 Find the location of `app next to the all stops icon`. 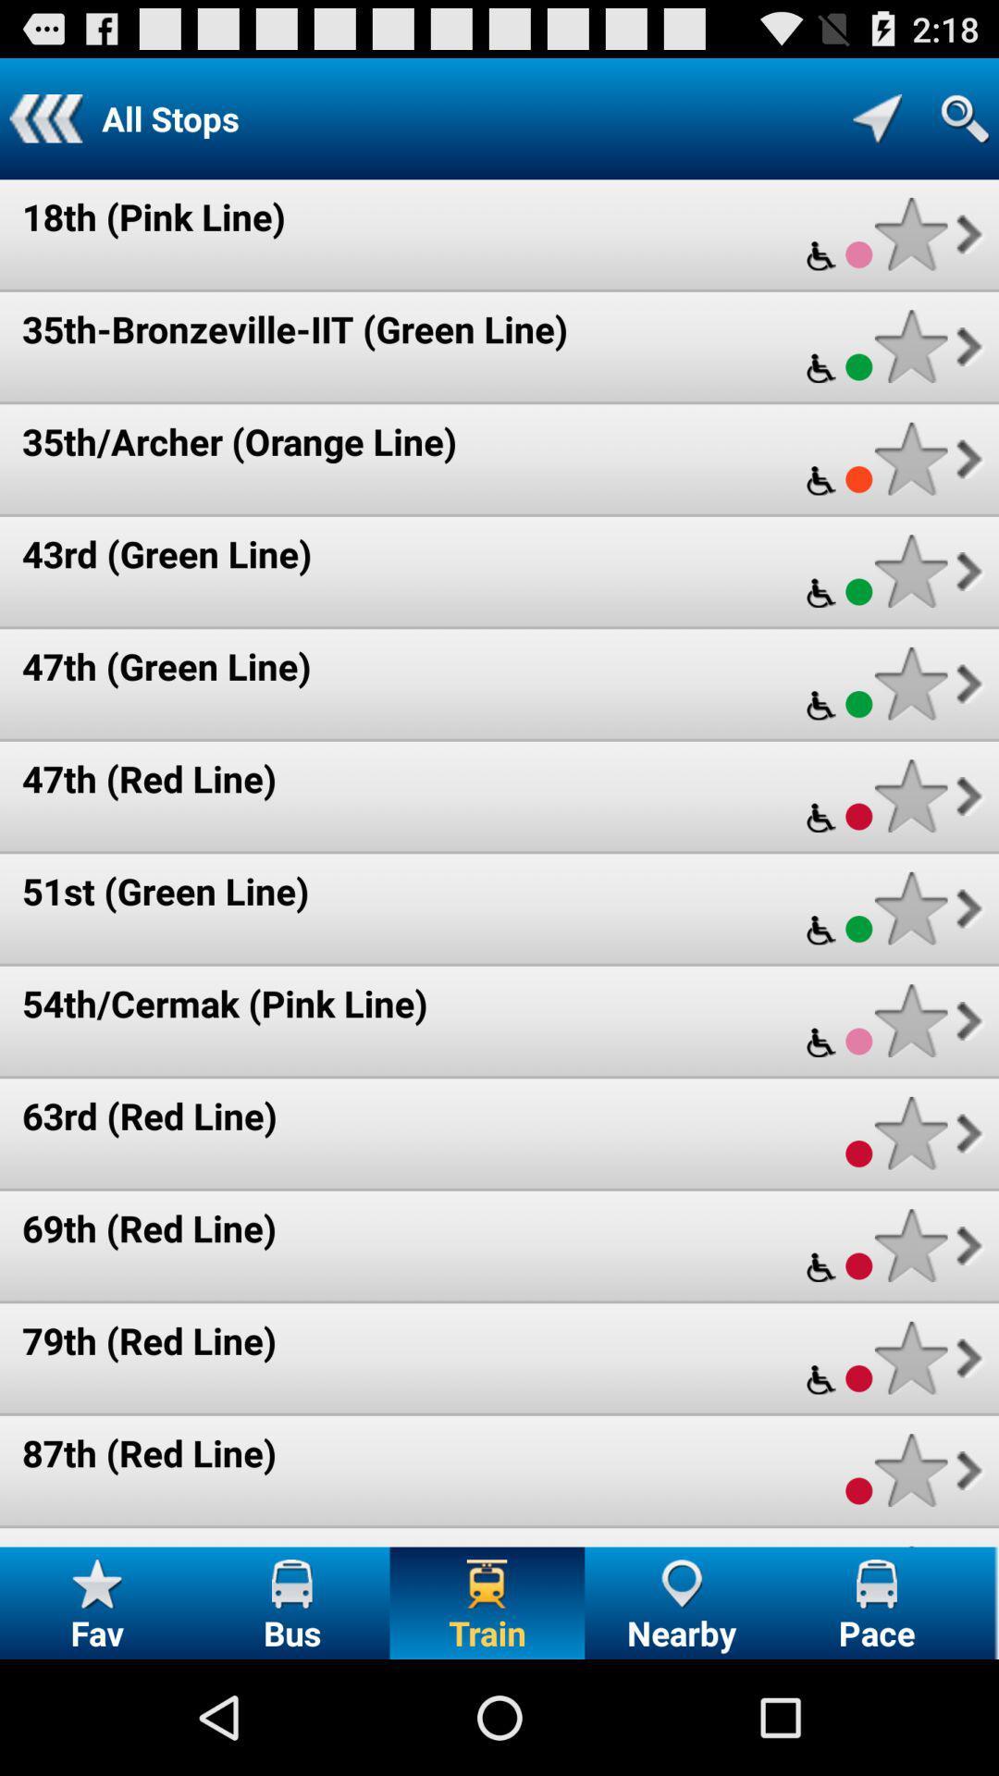

app next to the all stops icon is located at coordinates (44, 117).